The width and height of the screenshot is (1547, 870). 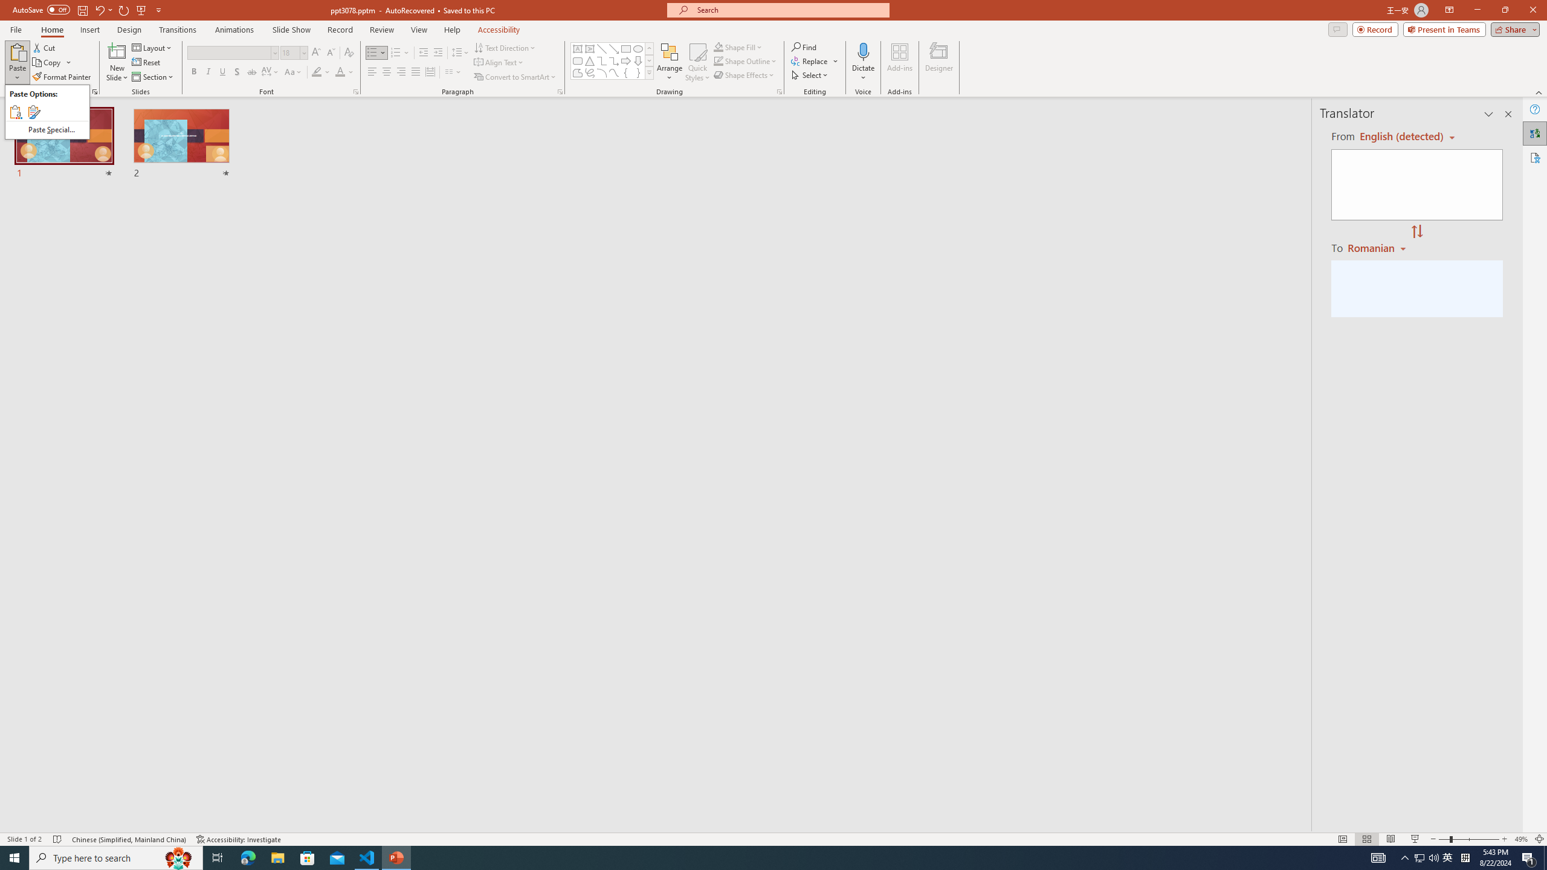 What do you see at coordinates (52, 62) in the screenshot?
I see `'Copy'` at bounding box center [52, 62].